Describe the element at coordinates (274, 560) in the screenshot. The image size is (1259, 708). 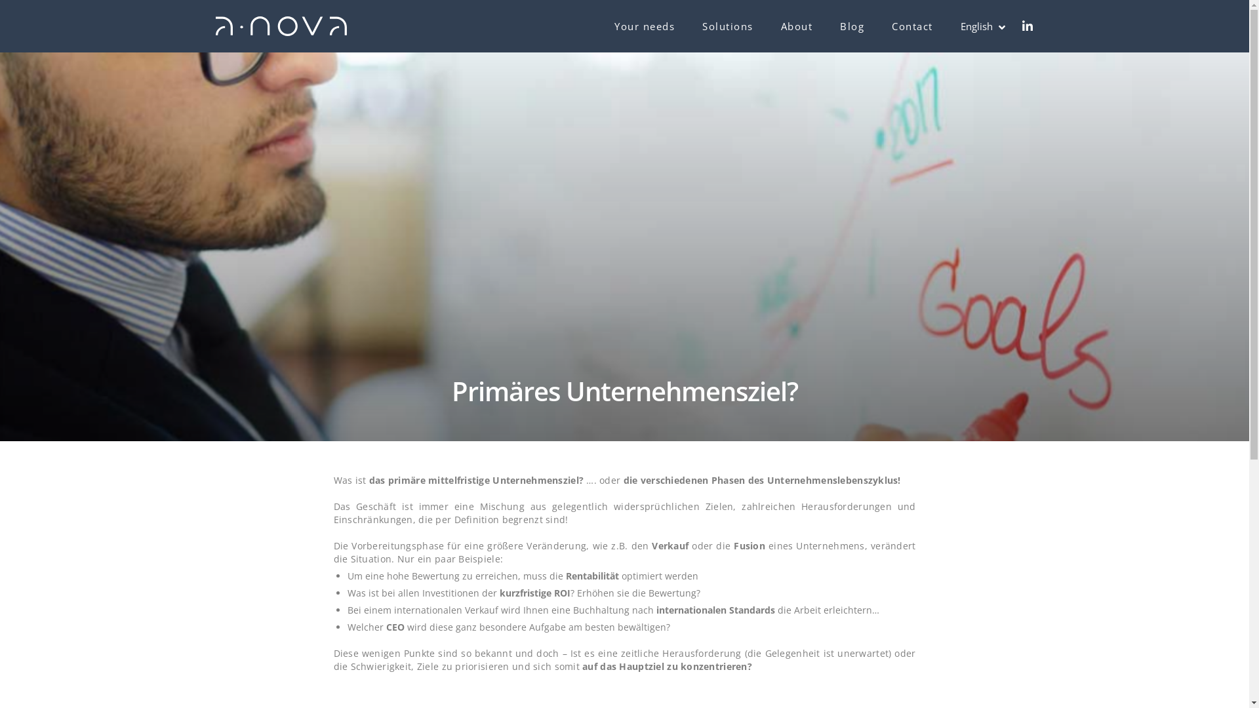
I see `'info@a-nova.ch'` at that location.